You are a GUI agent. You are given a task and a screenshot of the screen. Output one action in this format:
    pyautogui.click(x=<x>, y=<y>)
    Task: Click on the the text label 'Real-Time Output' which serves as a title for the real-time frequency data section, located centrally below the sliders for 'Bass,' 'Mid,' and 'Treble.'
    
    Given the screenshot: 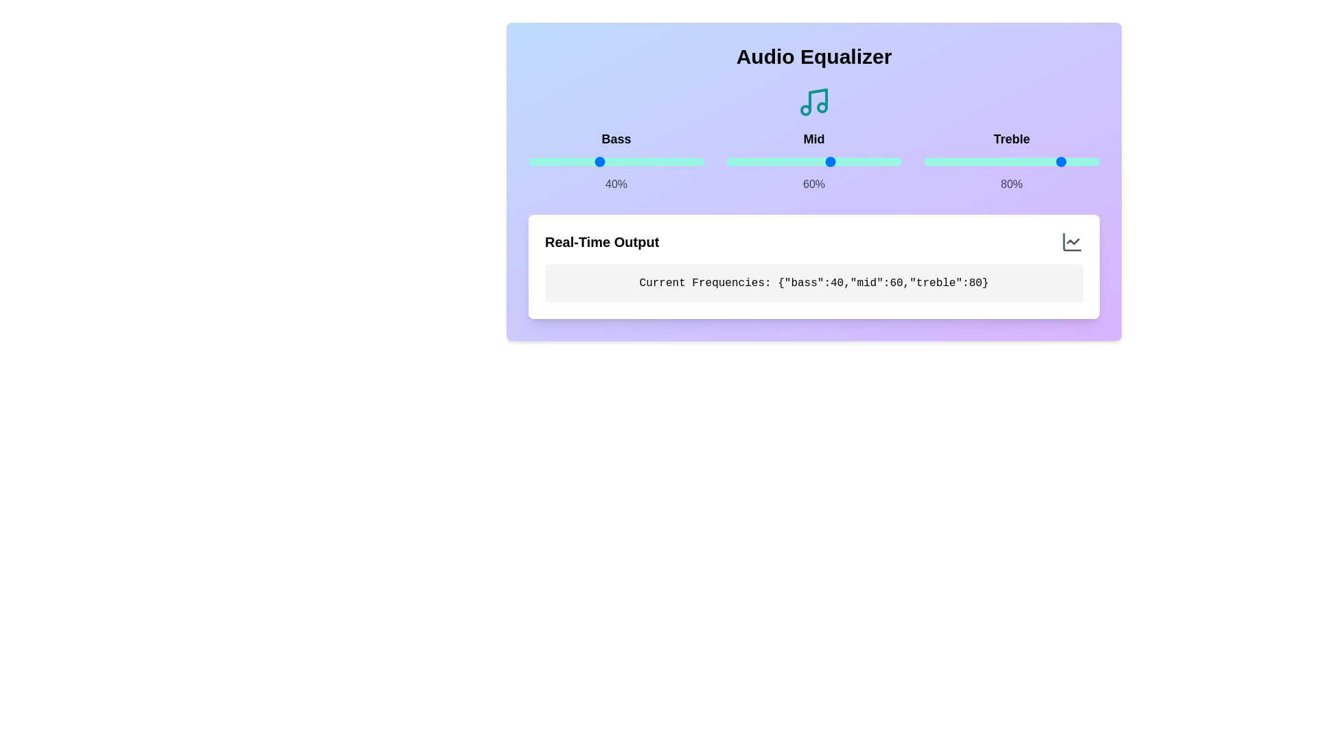 What is the action you would take?
    pyautogui.click(x=602, y=242)
    